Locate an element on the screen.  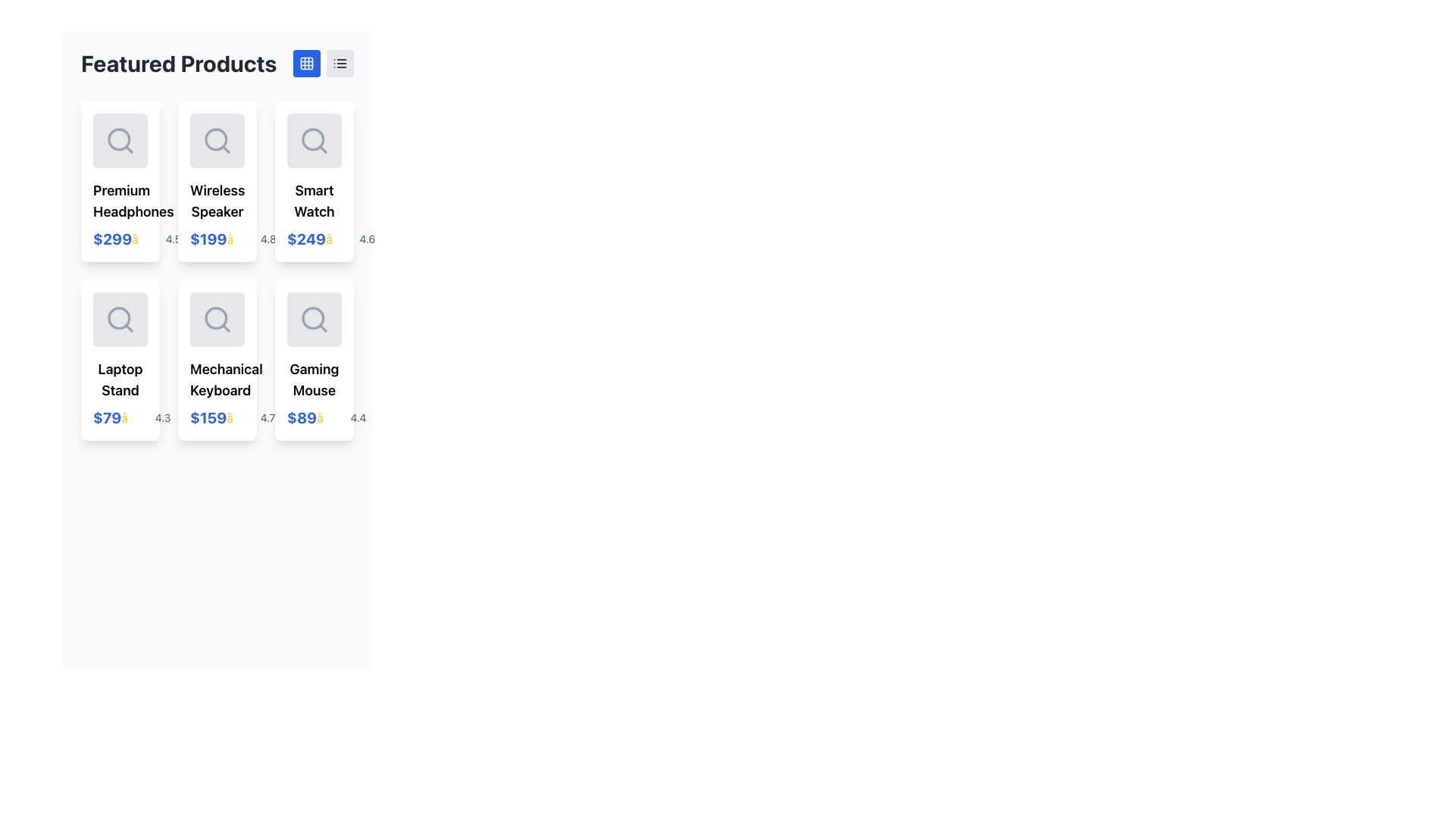
the state of the blue rounded square graphical icon located in the center of a 3x3 grid, positioned to the right of the 'Featured Products' heading is located at coordinates (305, 63).